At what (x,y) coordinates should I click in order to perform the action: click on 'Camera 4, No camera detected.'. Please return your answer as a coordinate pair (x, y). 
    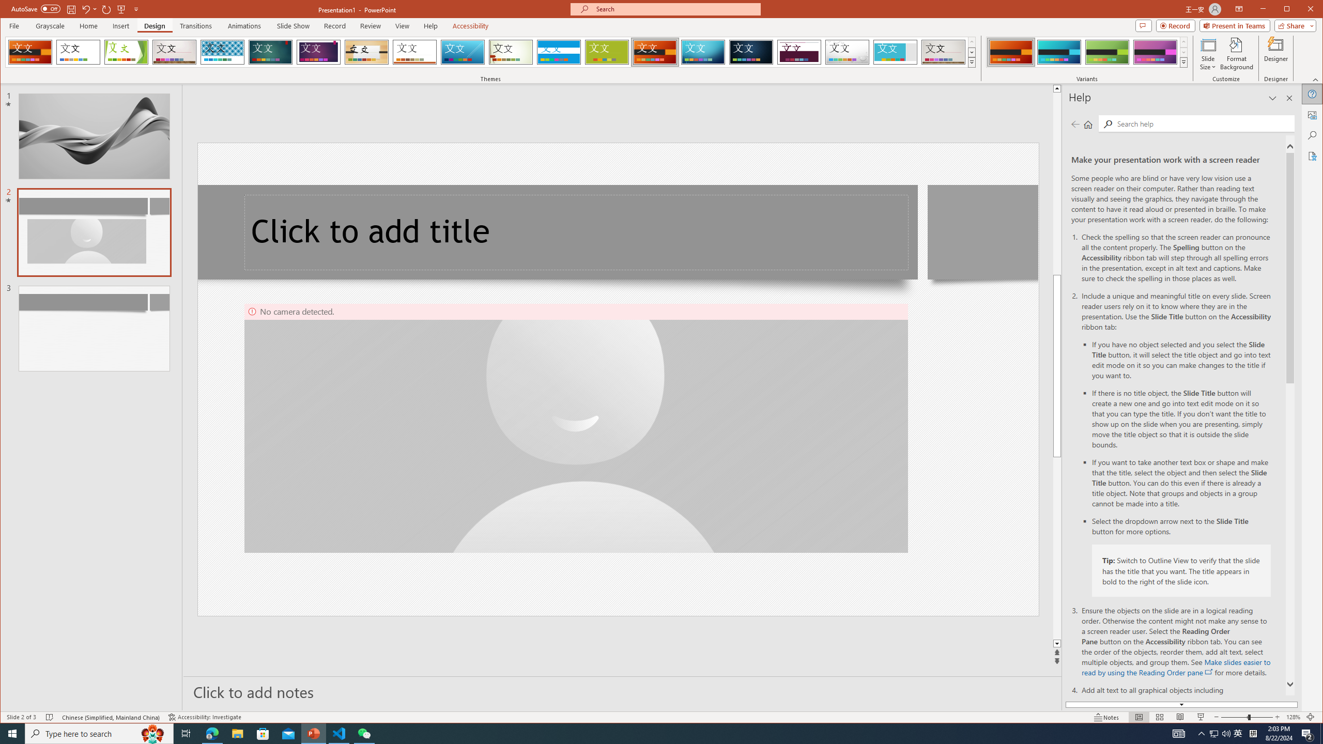
    Looking at the image, I should click on (575, 427).